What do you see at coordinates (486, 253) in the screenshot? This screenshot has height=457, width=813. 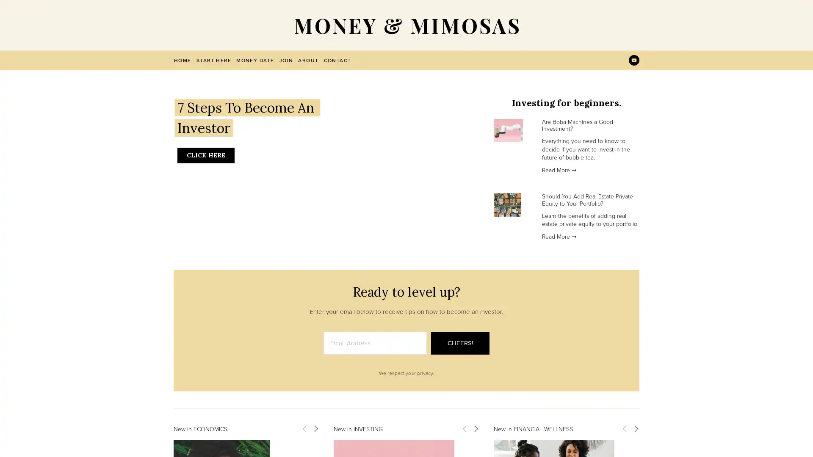 I see `Yes, I love Money & Mimosas.` at bounding box center [486, 253].